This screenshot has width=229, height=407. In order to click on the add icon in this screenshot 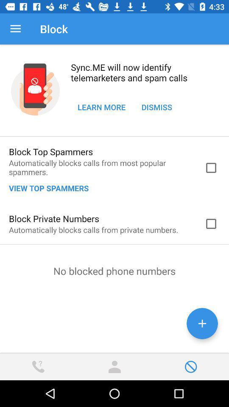, I will do `click(201, 323)`.